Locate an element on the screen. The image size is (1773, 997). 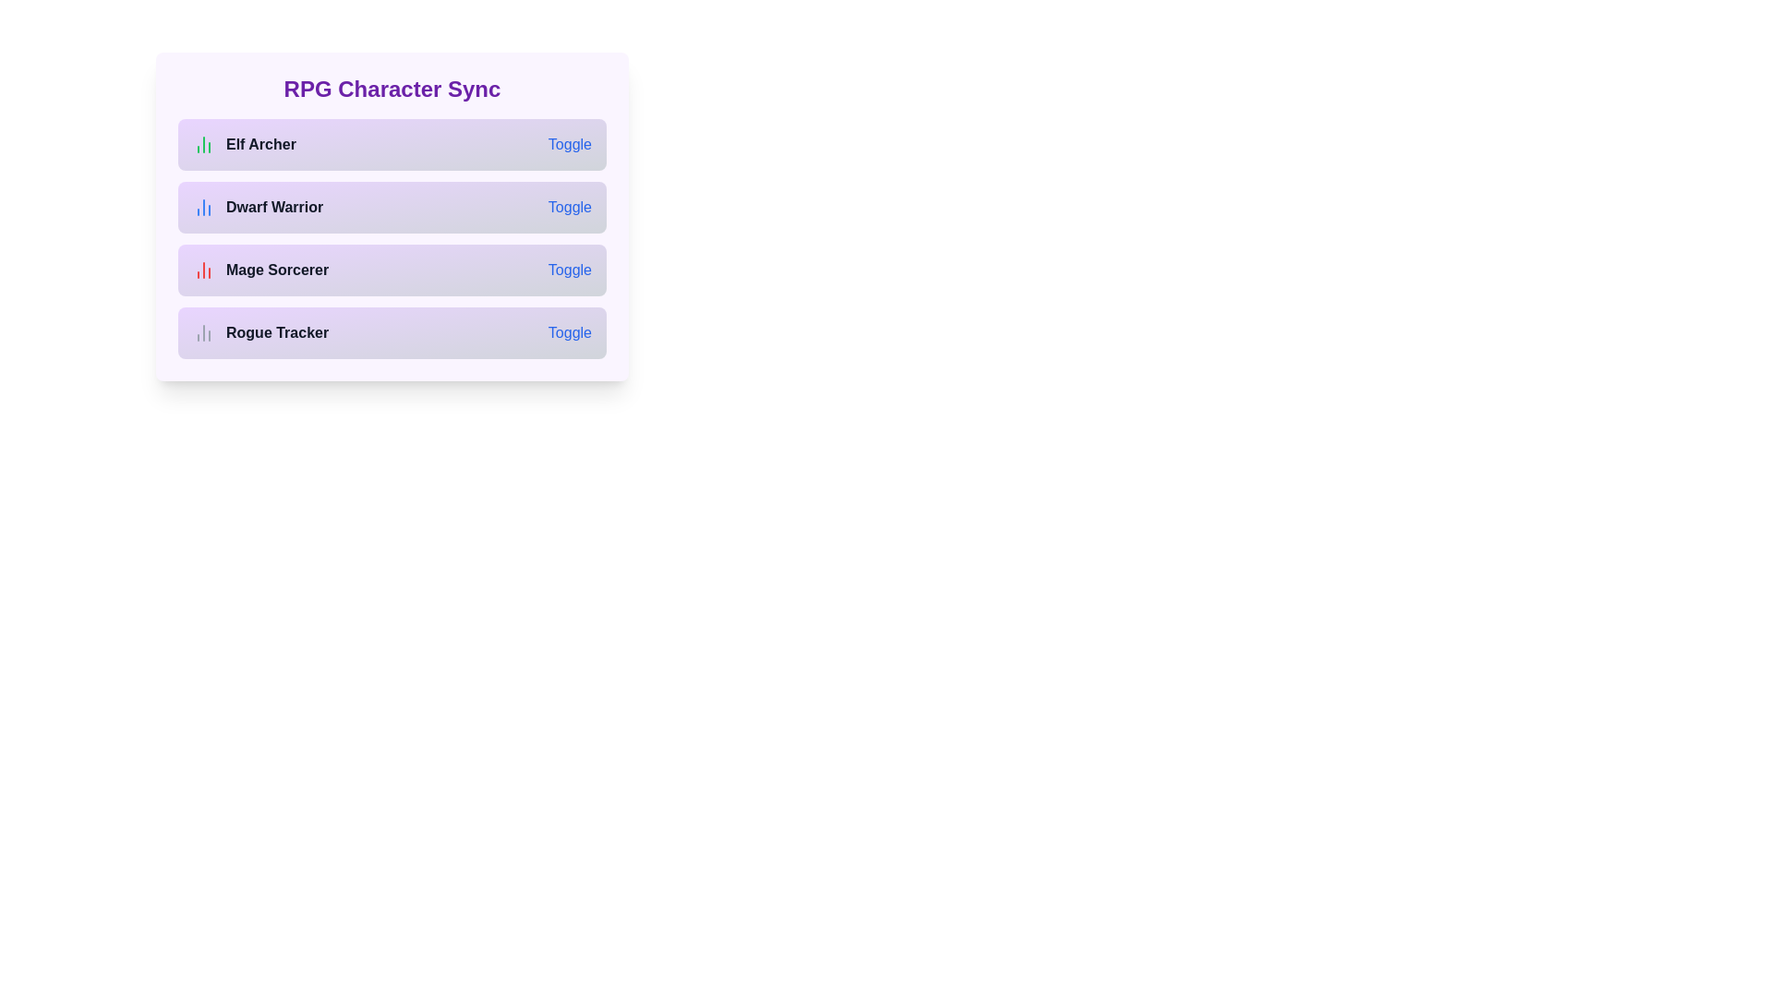
the toggle button or label for the 'Dwarf Warrior' entry is located at coordinates (569, 207).